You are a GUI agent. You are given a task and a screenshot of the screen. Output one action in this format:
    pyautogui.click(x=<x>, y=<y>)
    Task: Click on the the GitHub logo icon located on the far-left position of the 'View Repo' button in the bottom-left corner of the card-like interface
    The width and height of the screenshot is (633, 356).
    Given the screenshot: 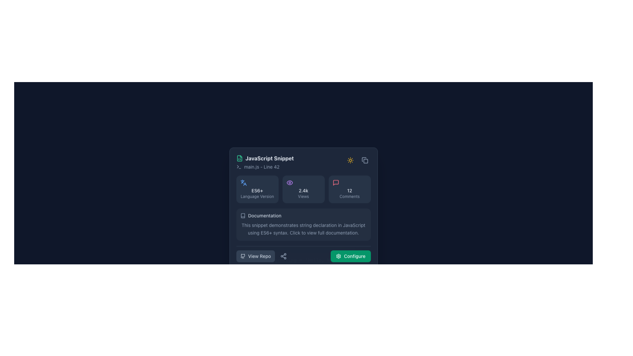 What is the action you would take?
    pyautogui.click(x=242, y=255)
    